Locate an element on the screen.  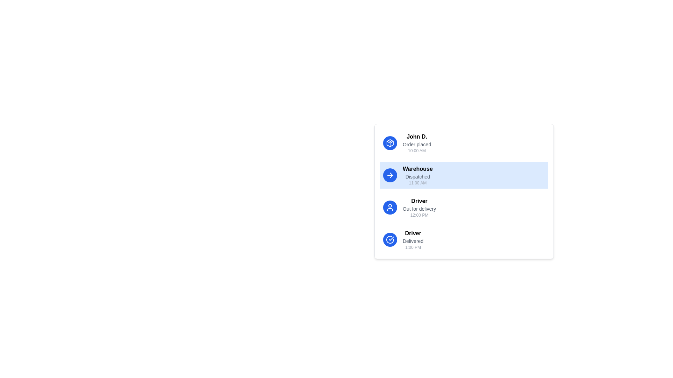
the bold text label displaying the word 'Driver', which is the primary text within the last item in the delivery progress list is located at coordinates (413, 233).